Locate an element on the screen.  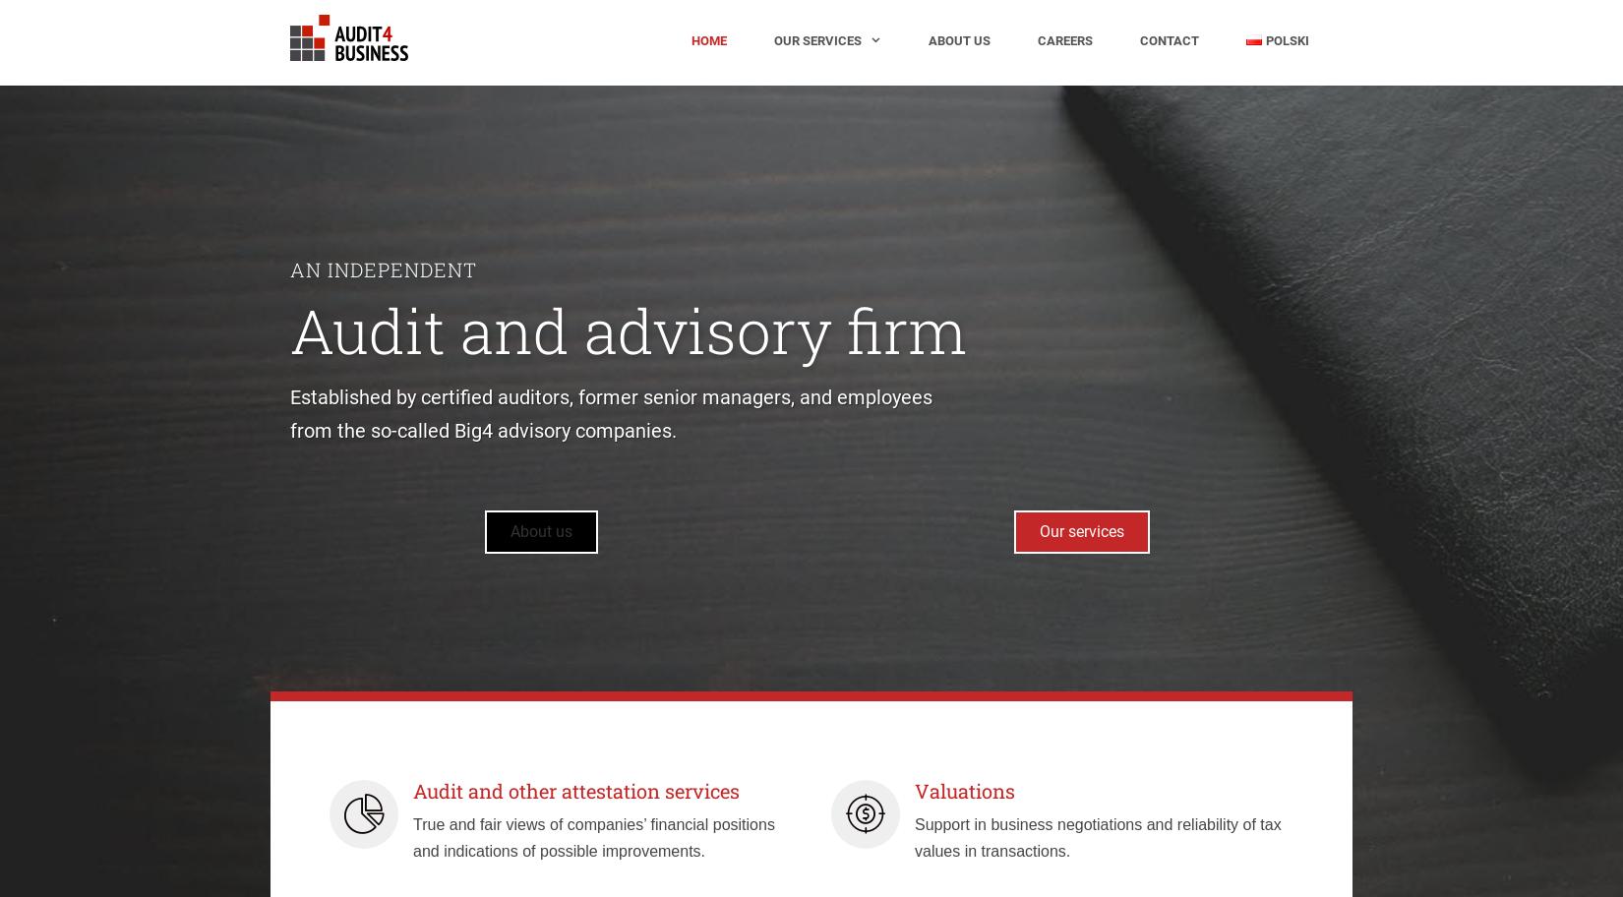
'True and fair views of companies’ financial positions and indications of possible improvements.' is located at coordinates (592, 837).